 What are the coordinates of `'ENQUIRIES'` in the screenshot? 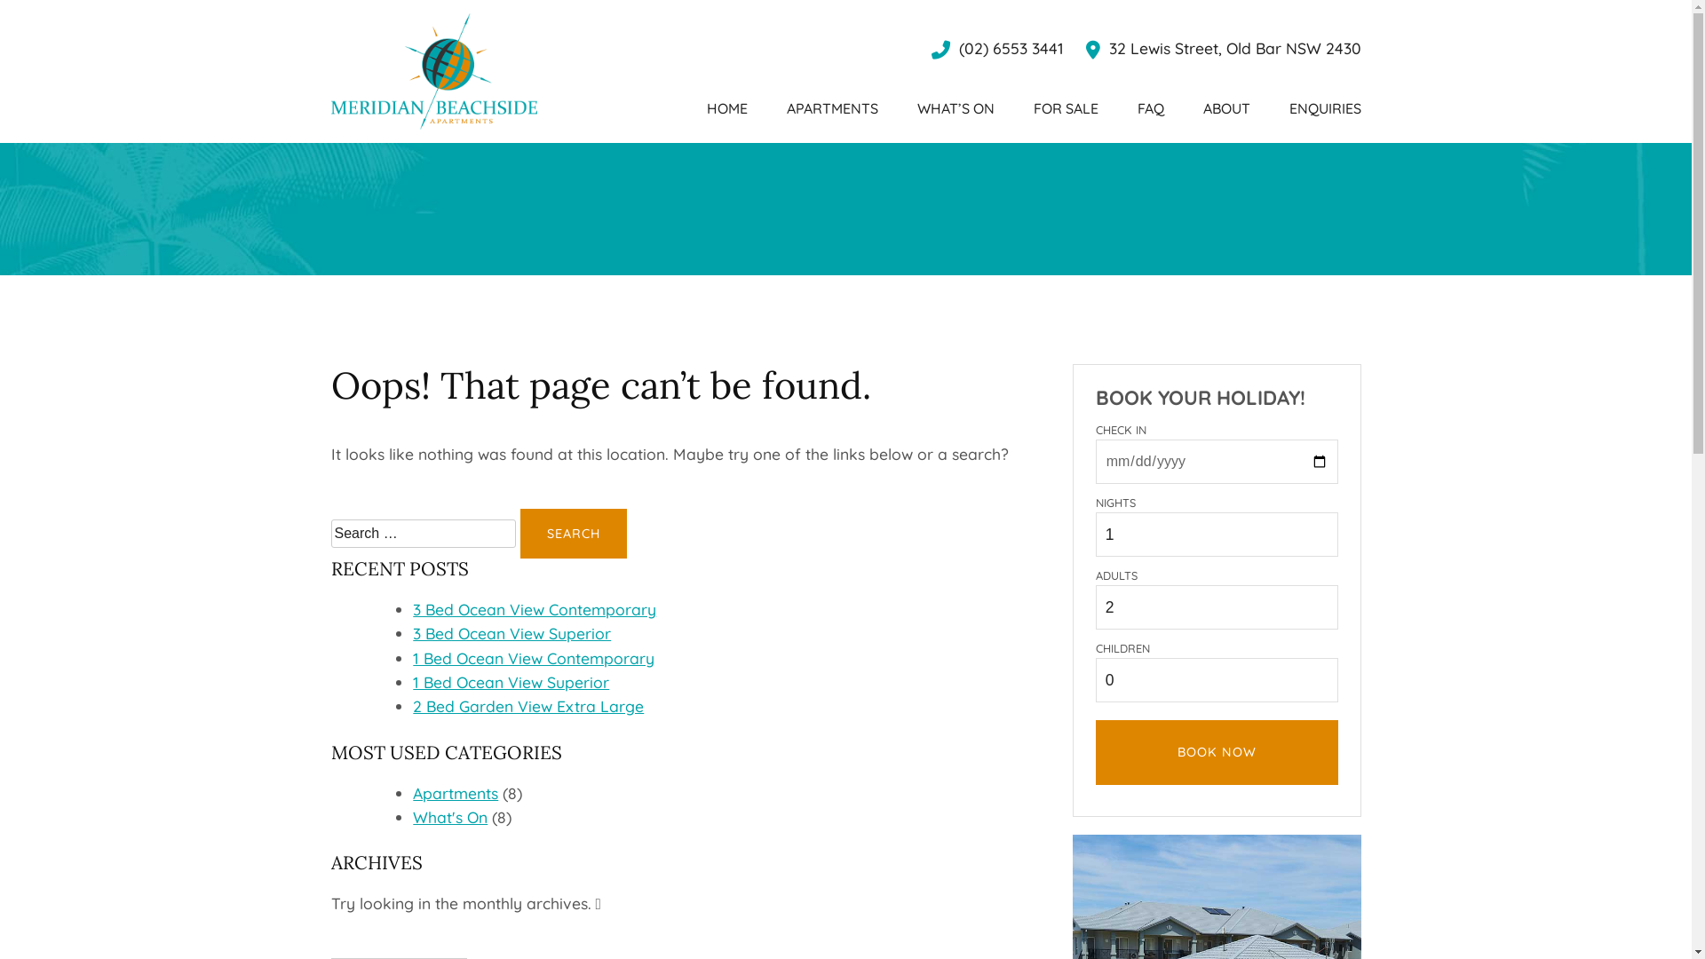 It's located at (1325, 108).